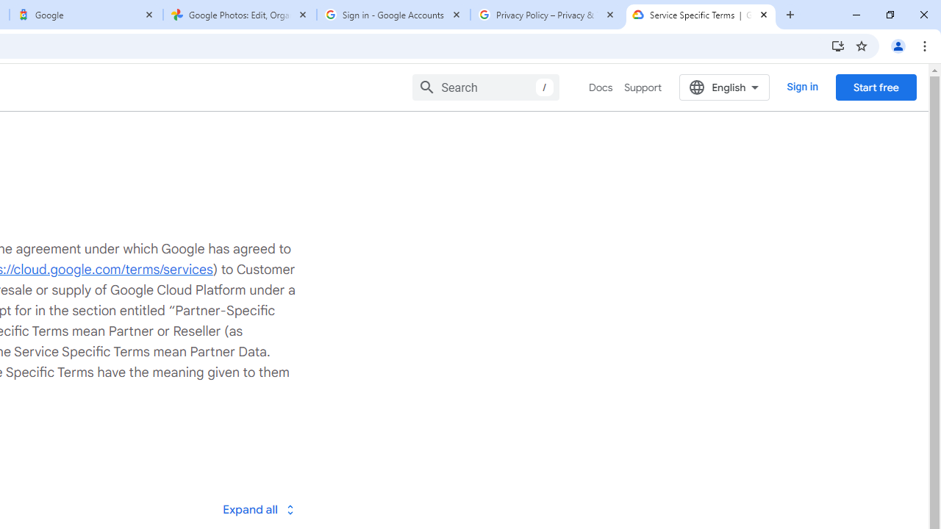  What do you see at coordinates (861, 45) in the screenshot?
I see `'Bookmark this tab'` at bounding box center [861, 45].